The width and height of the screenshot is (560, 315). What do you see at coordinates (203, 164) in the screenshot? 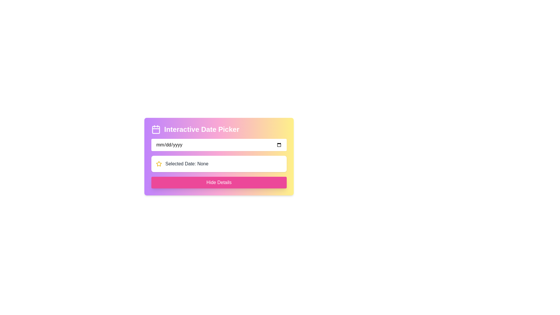
I see `the text 'None' which is part of the label 'Selected Date: None', displayed in a medium-weight font and located centrally in the interface` at bounding box center [203, 164].